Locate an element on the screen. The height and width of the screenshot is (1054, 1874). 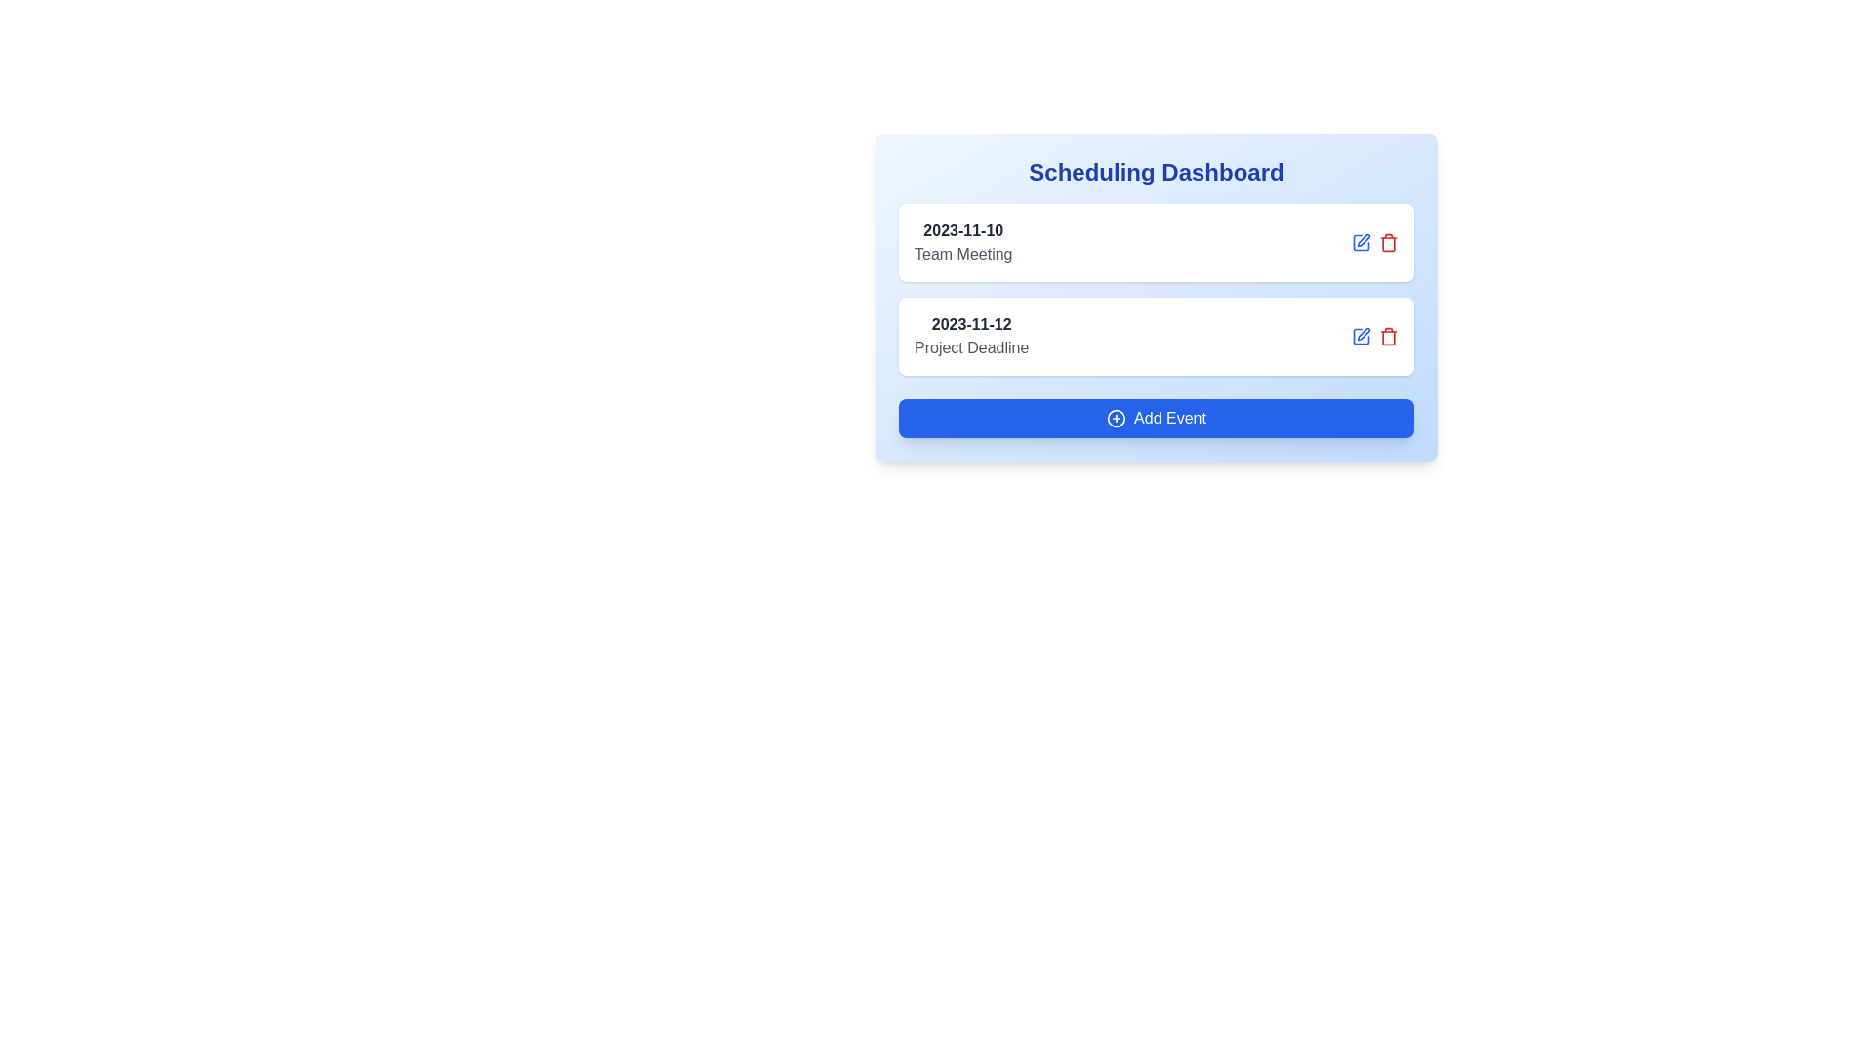
the small circular icon with a blue border and a white plus sign inside it, located within the 'Add Event' button is located at coordinates (1117, 417).